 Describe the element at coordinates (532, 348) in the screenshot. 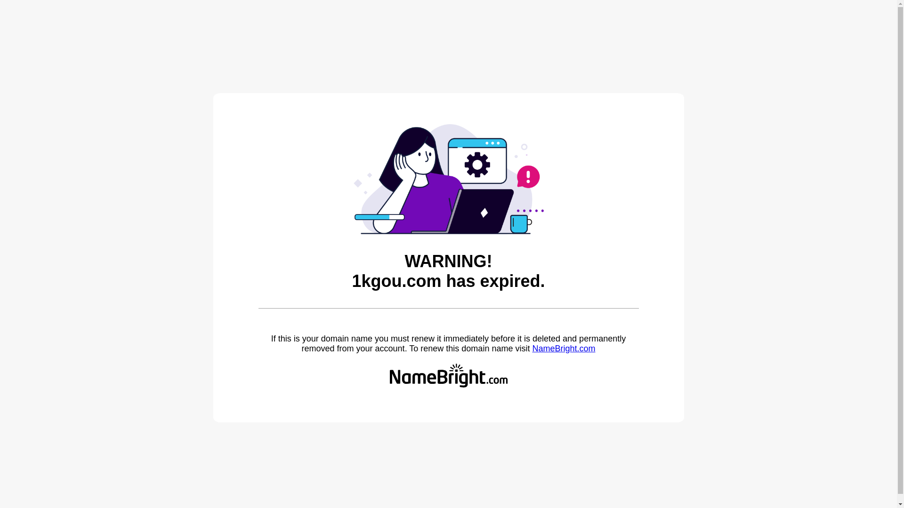

I see `'NameBright.com'` at that location.